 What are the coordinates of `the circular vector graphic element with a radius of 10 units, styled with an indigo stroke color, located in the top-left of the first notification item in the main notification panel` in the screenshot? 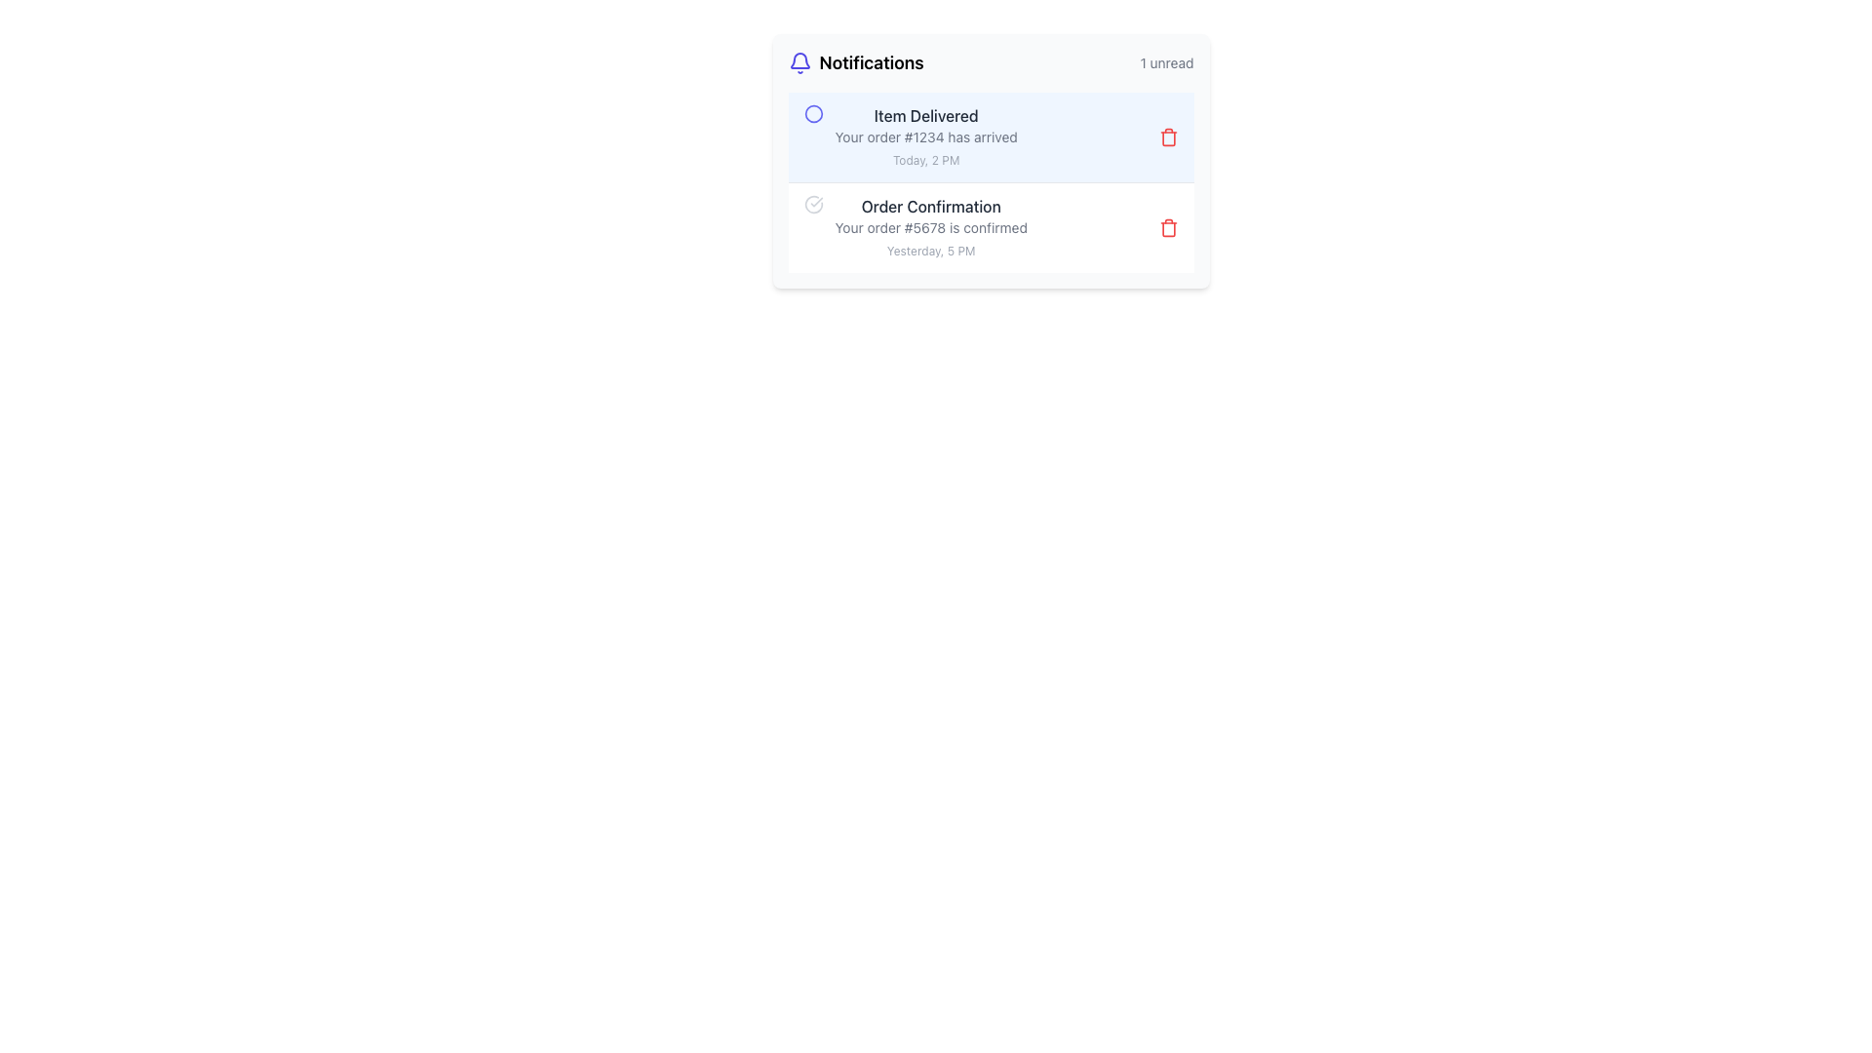 It's located at (813, 113).